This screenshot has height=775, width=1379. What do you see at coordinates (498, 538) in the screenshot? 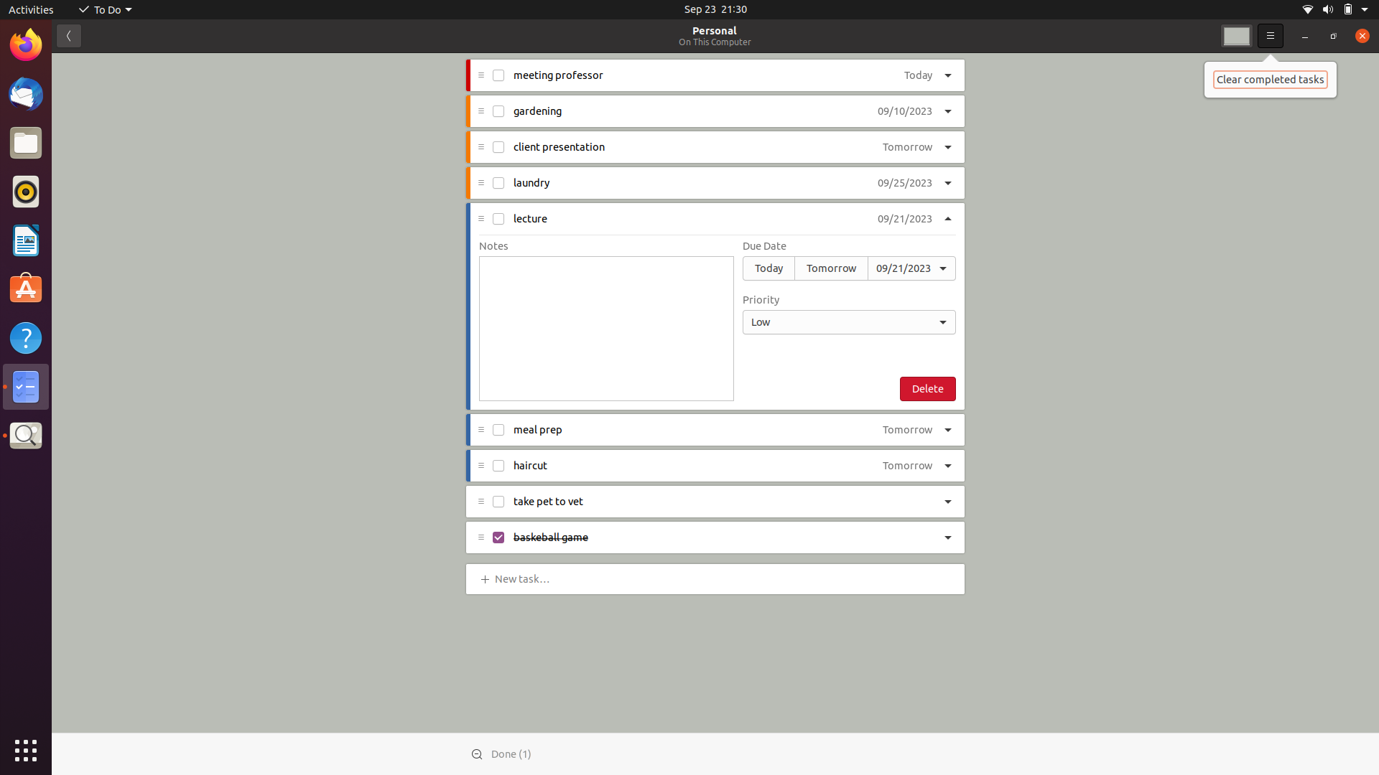
I see `Mark "checkbox baseball game" task as completed` at bounding box center [498, 538].